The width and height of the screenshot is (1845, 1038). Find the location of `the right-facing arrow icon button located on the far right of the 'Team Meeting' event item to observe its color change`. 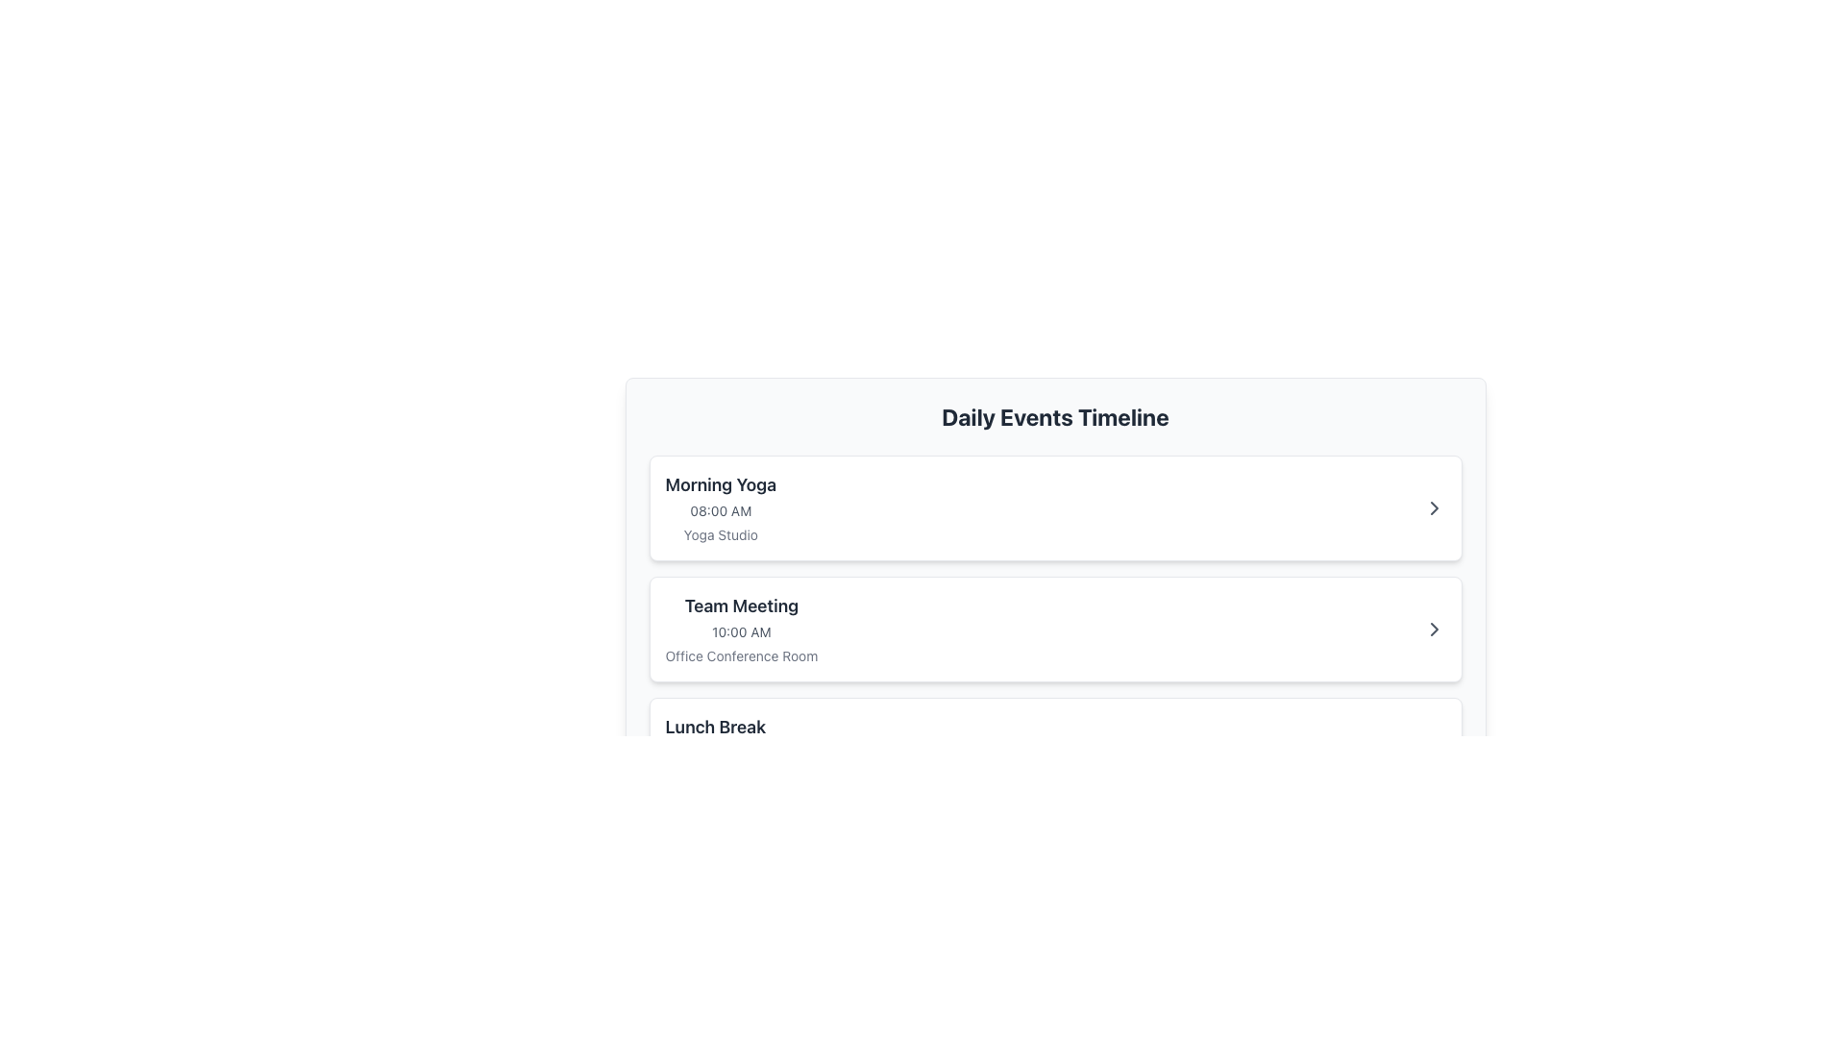

the right-facing arrow icon button located on the far right of the 'Team Meeting' event item to observe its color change is located at coordinates (1434, 630).